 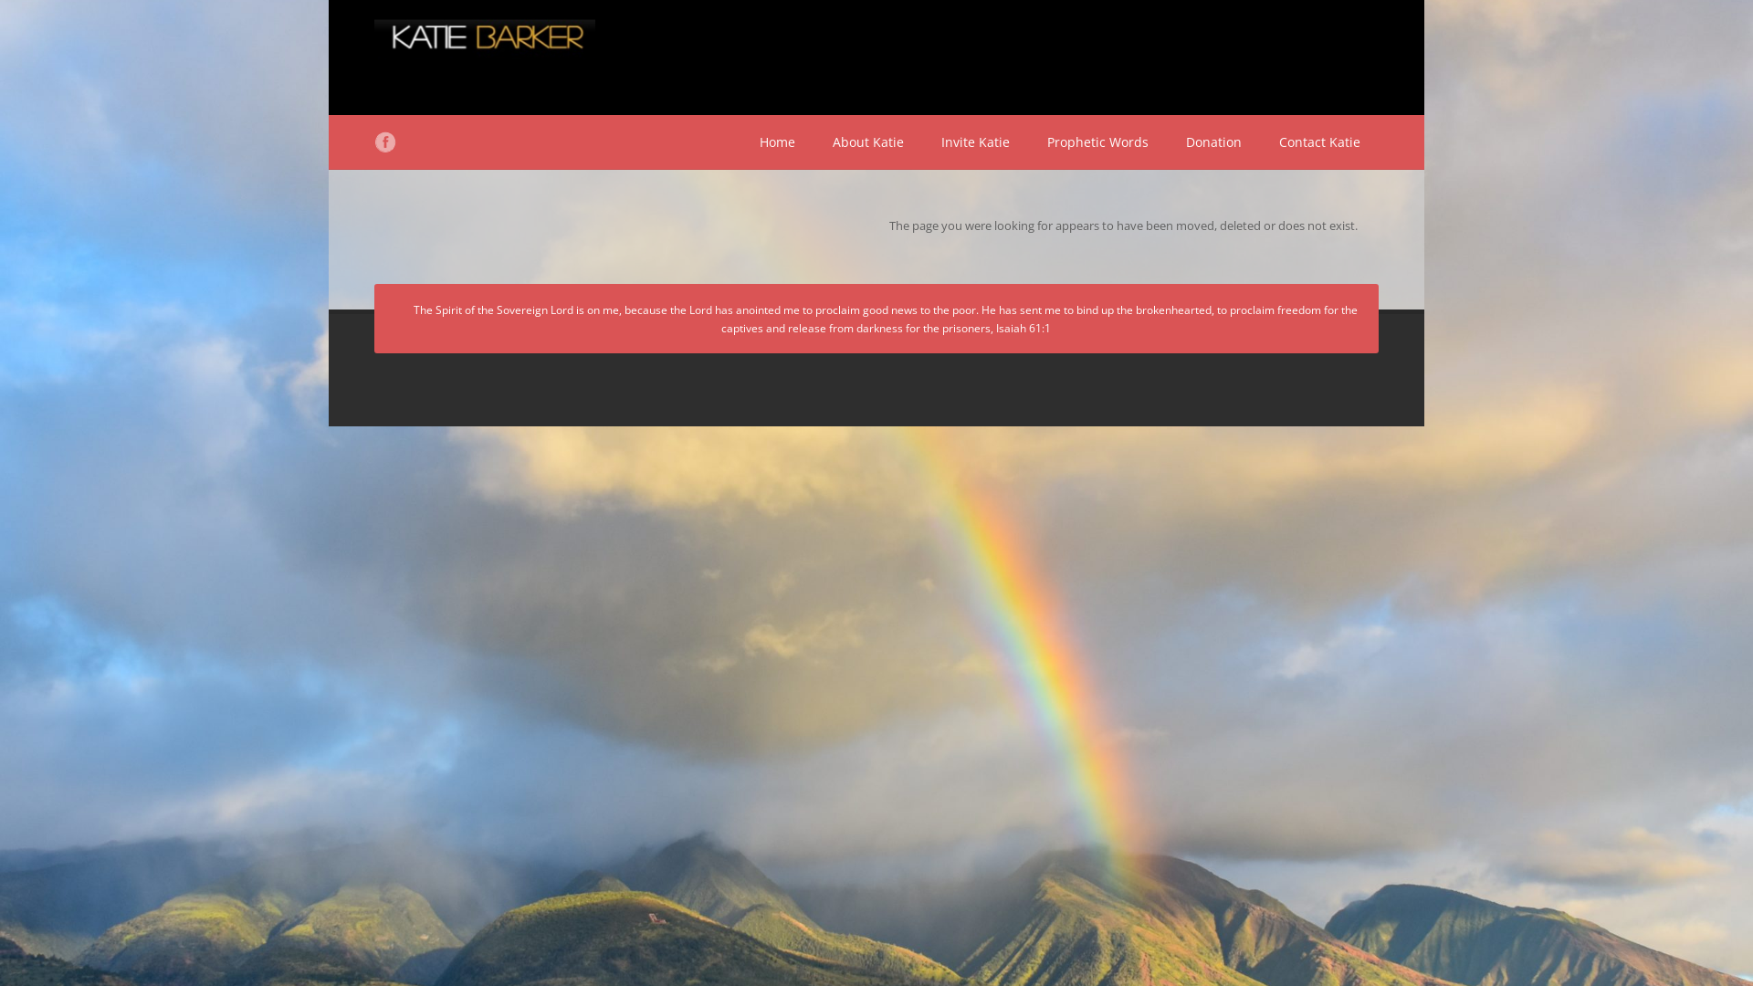 I want to click on 'Facebook', so click(x=384, y=141).